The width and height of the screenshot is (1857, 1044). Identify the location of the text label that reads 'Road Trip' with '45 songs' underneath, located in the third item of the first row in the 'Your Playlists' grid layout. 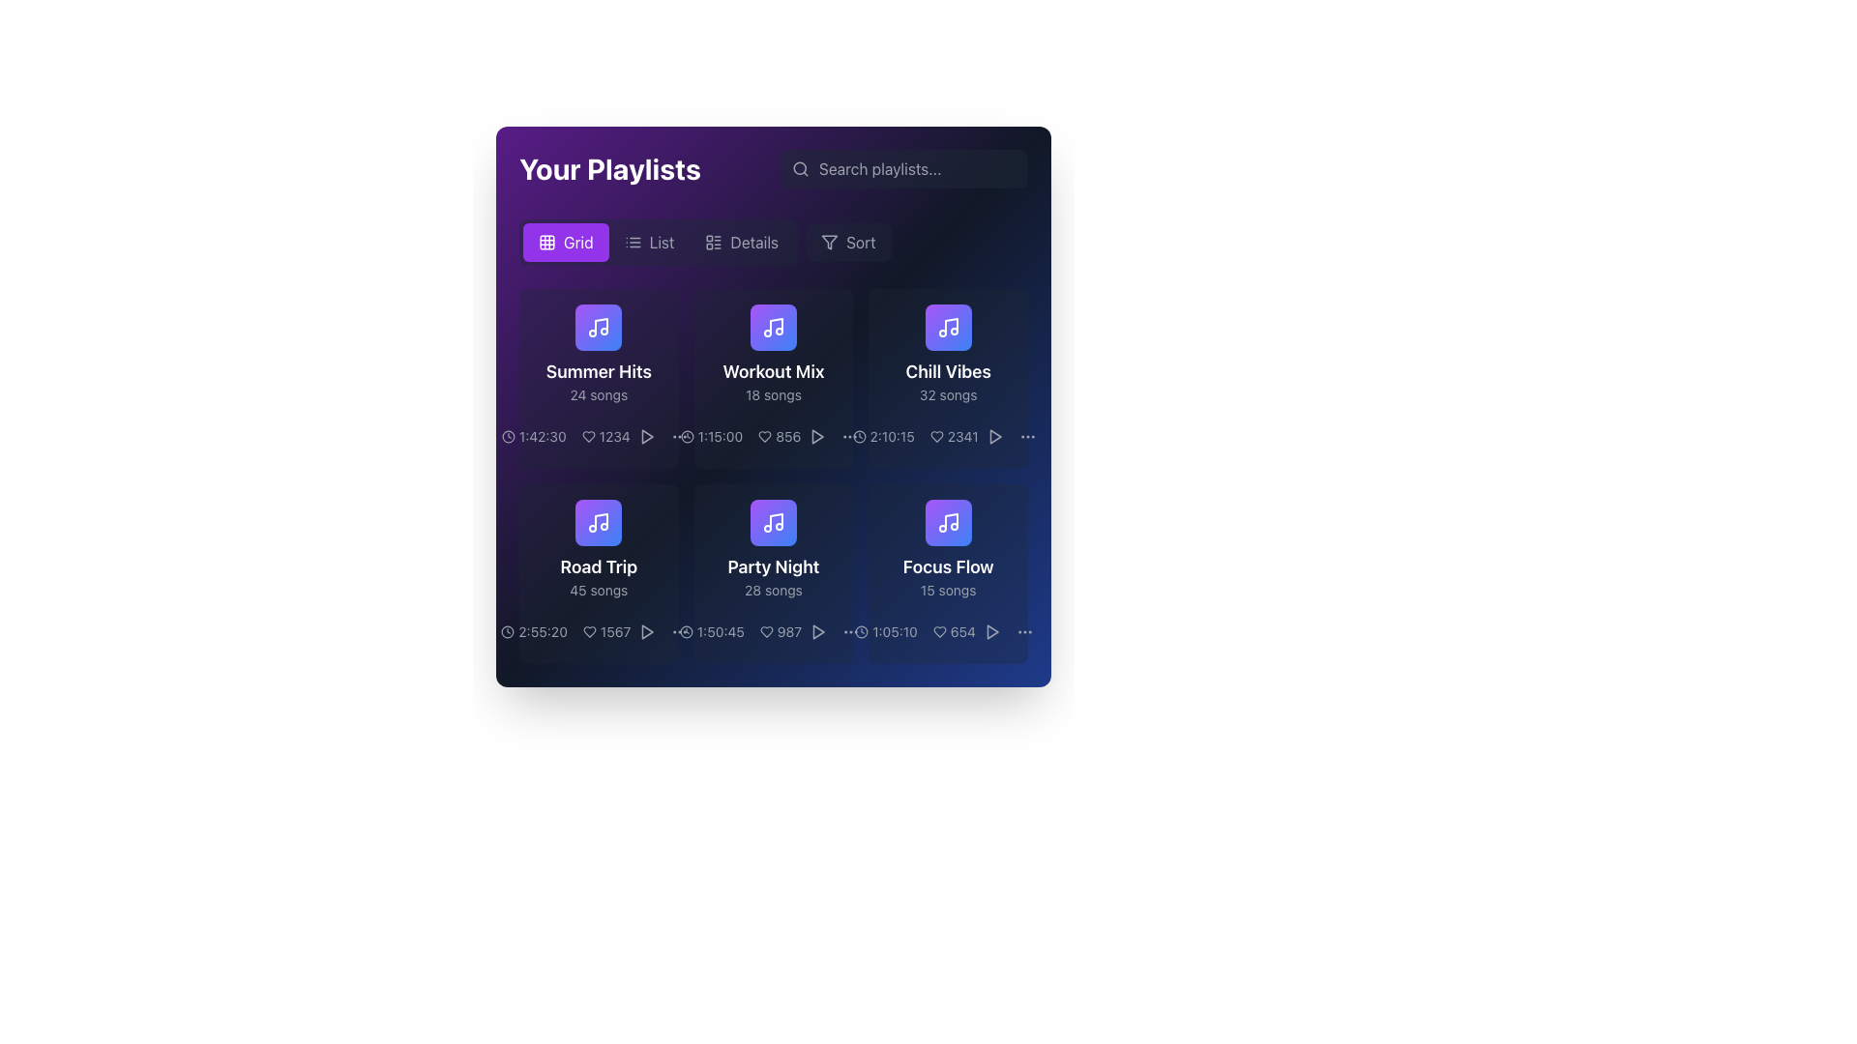
(598, 576).